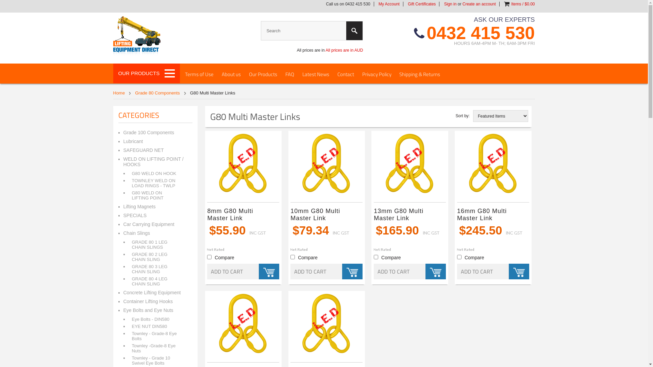  What do you see at coordinates (199, 74) in the screenshot?
I see `'Terms of Use'` at bounding box center [199, 74].